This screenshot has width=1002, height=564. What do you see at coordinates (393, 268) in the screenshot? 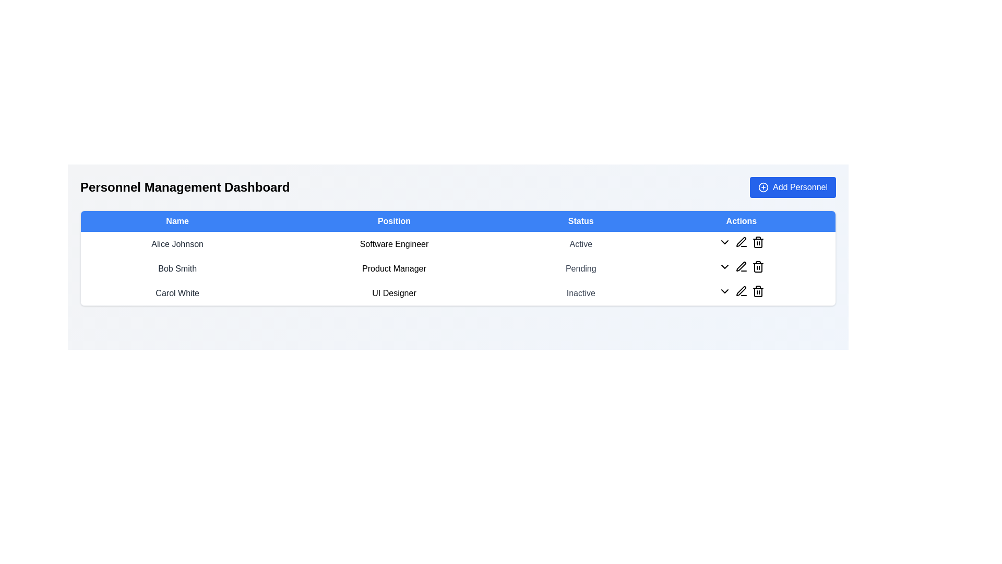
I see `the Text label displaying the job title or role of the individual, located in the second row under the 'Position' column of a three-row table` at bounding box center [393, 268].